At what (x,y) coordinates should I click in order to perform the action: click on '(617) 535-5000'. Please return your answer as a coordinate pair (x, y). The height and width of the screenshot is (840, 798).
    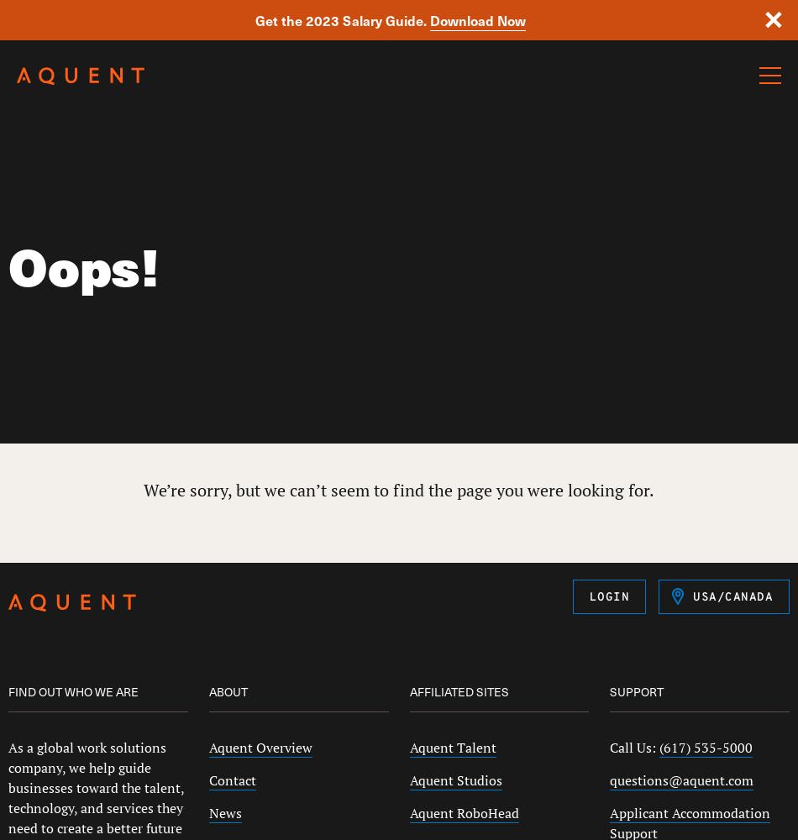
    Looking at the image, I should click on (705, 748).